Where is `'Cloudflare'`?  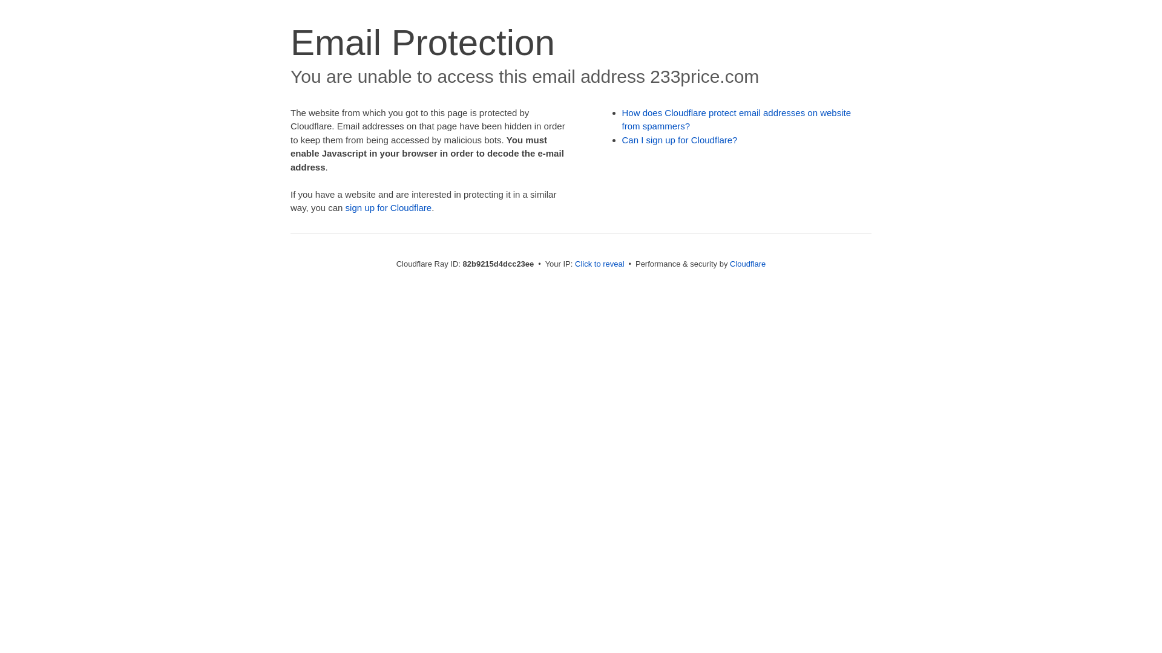 'Cloudflare' is located at coordinates (747, 263).